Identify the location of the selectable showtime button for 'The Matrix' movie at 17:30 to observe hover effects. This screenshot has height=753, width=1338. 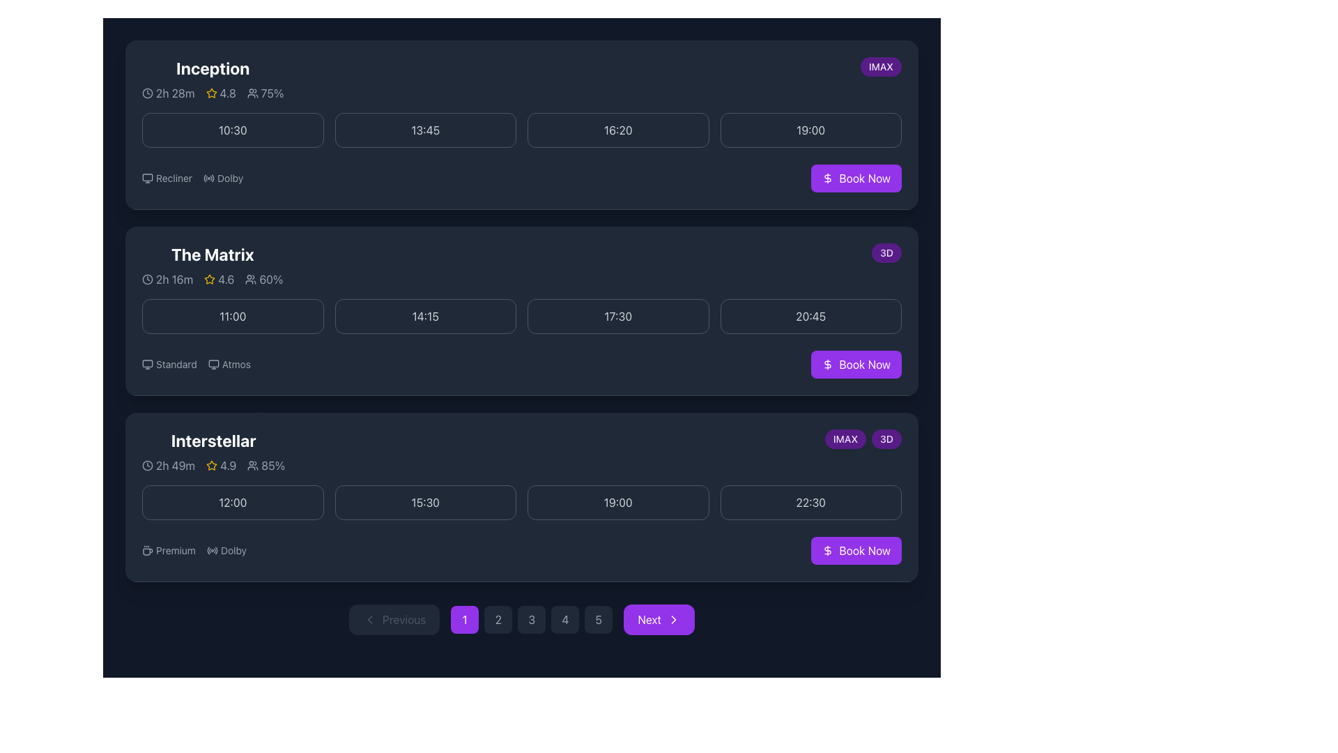
(617, 317).